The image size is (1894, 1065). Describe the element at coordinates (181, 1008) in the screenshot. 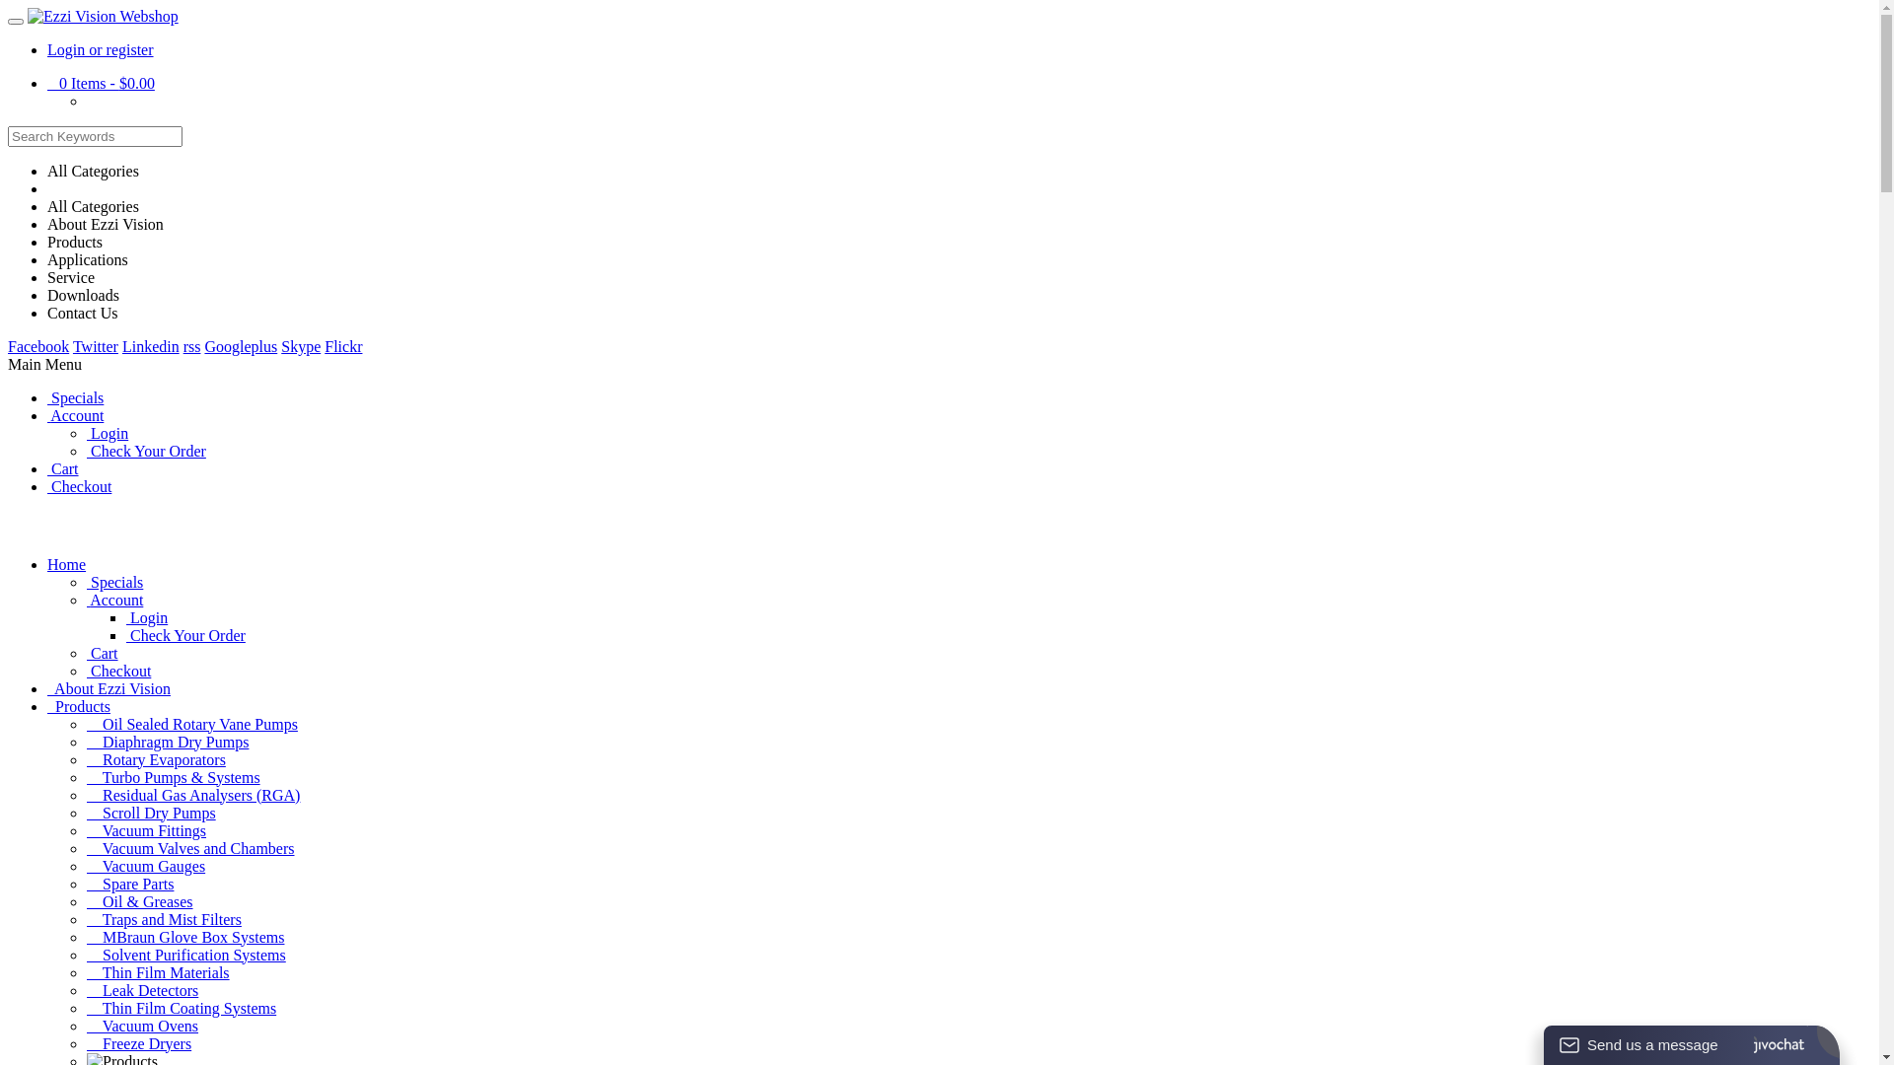

I see `'    Thin Film Coating Systems'` at that location.